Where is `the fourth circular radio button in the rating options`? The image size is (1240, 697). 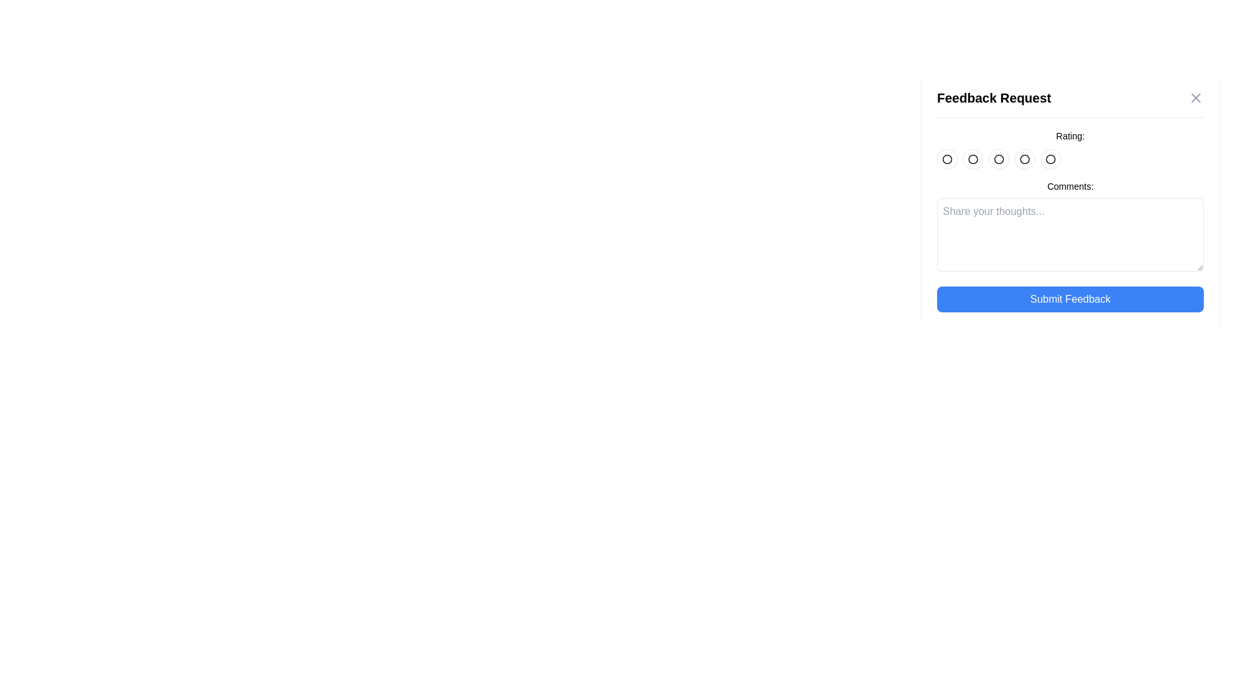 the fourth circular radio button in the rating options is located at coordinates (1024, 158).